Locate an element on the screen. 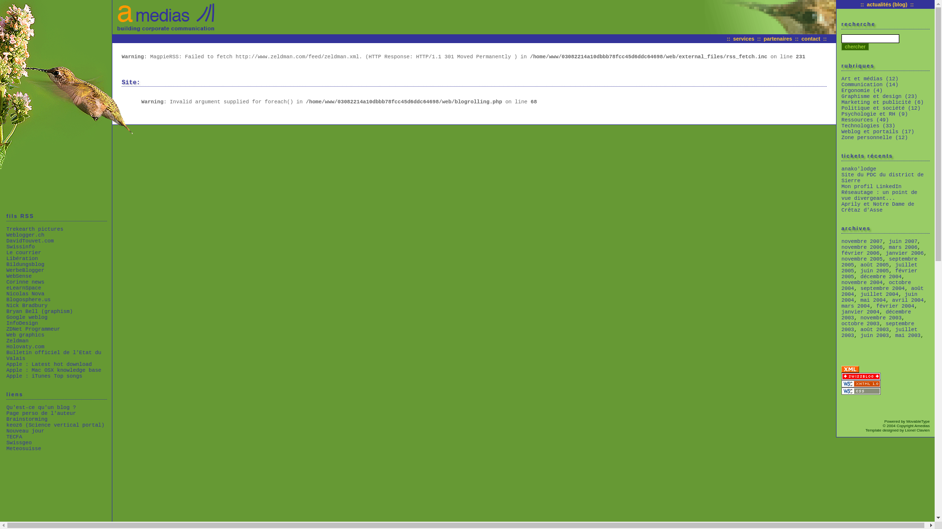  'juillet 2004' is located at coordinates (879, 294).